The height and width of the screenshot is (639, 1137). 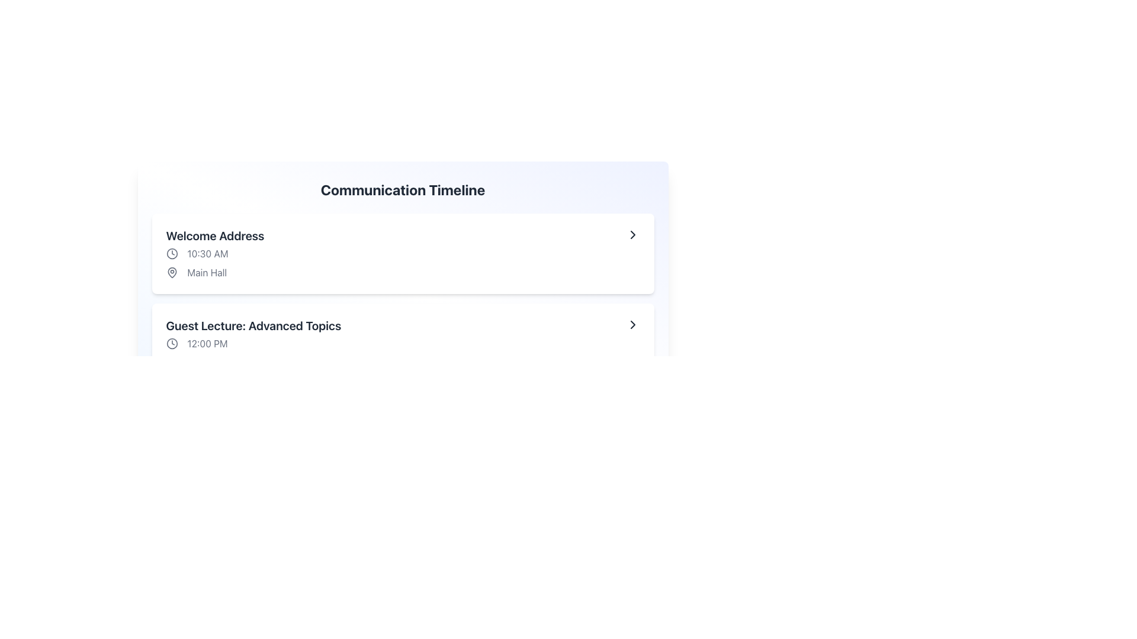 What do you see at coordinates (403, 253) in the screenshot?
I see `any clickable children like icons within the Information Card located in the first card of the scrollable timeline layout, positioned below the title 'Communication Timeline'` at bounding box center [403, 253].